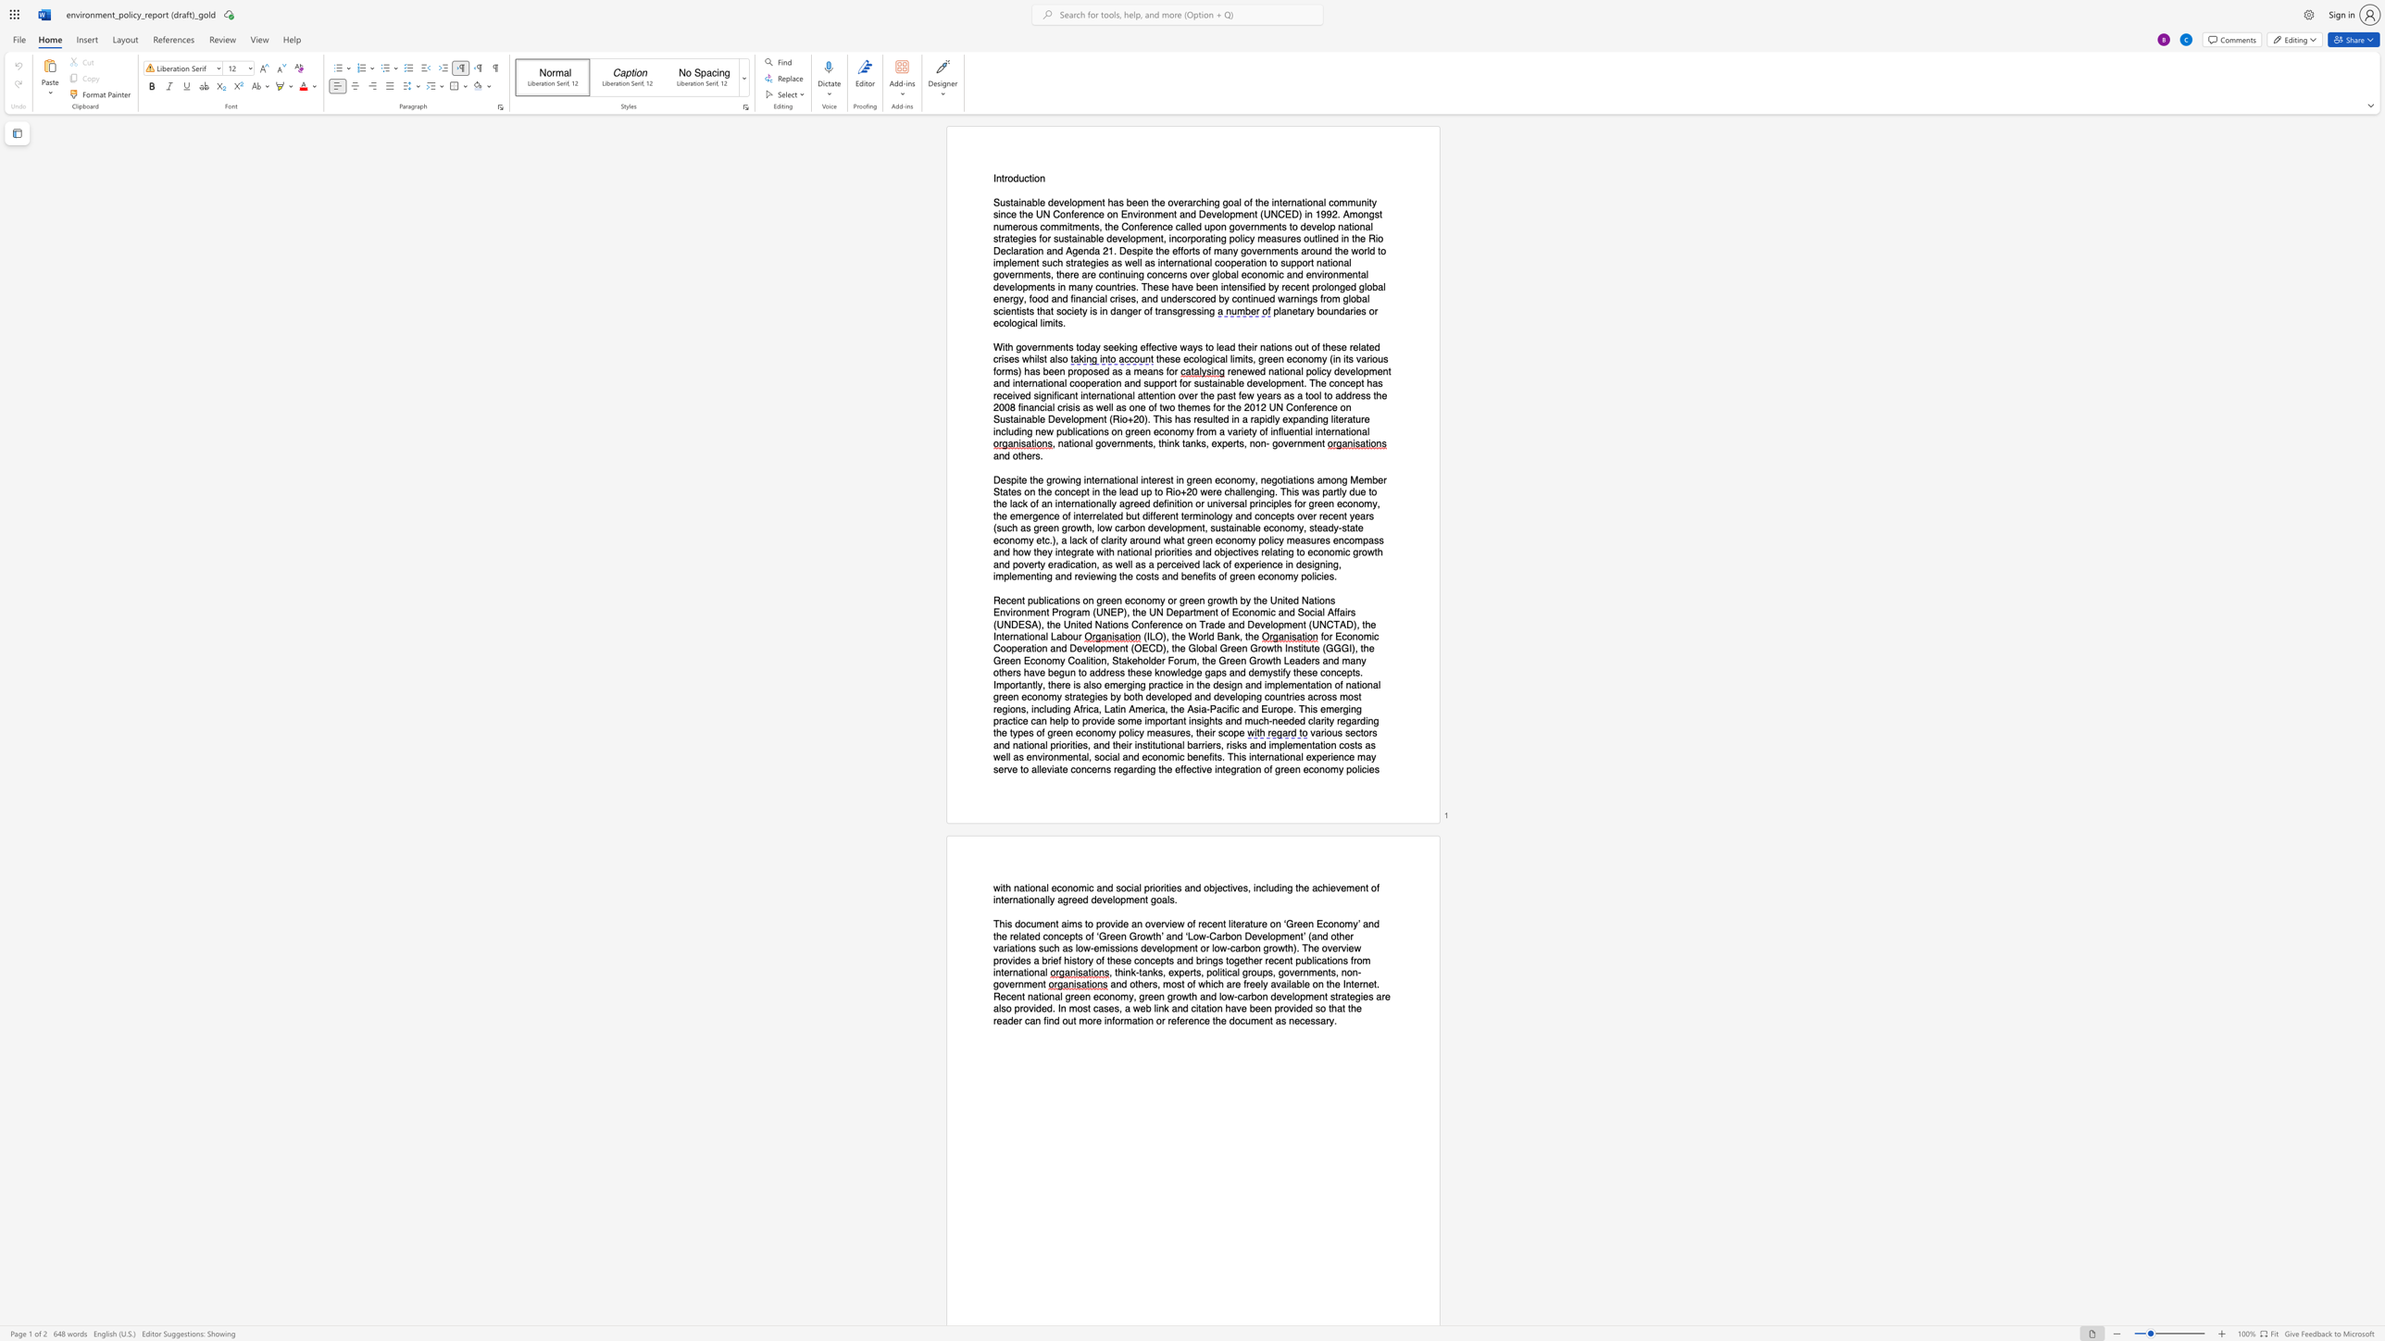 This screenshot has width=2385, height=1341. Describe the element at coordinates (1244, 768) in the screenshot. I see `the subset text "tion of green" within the text "the effective integration of green economy policies"` at that location.